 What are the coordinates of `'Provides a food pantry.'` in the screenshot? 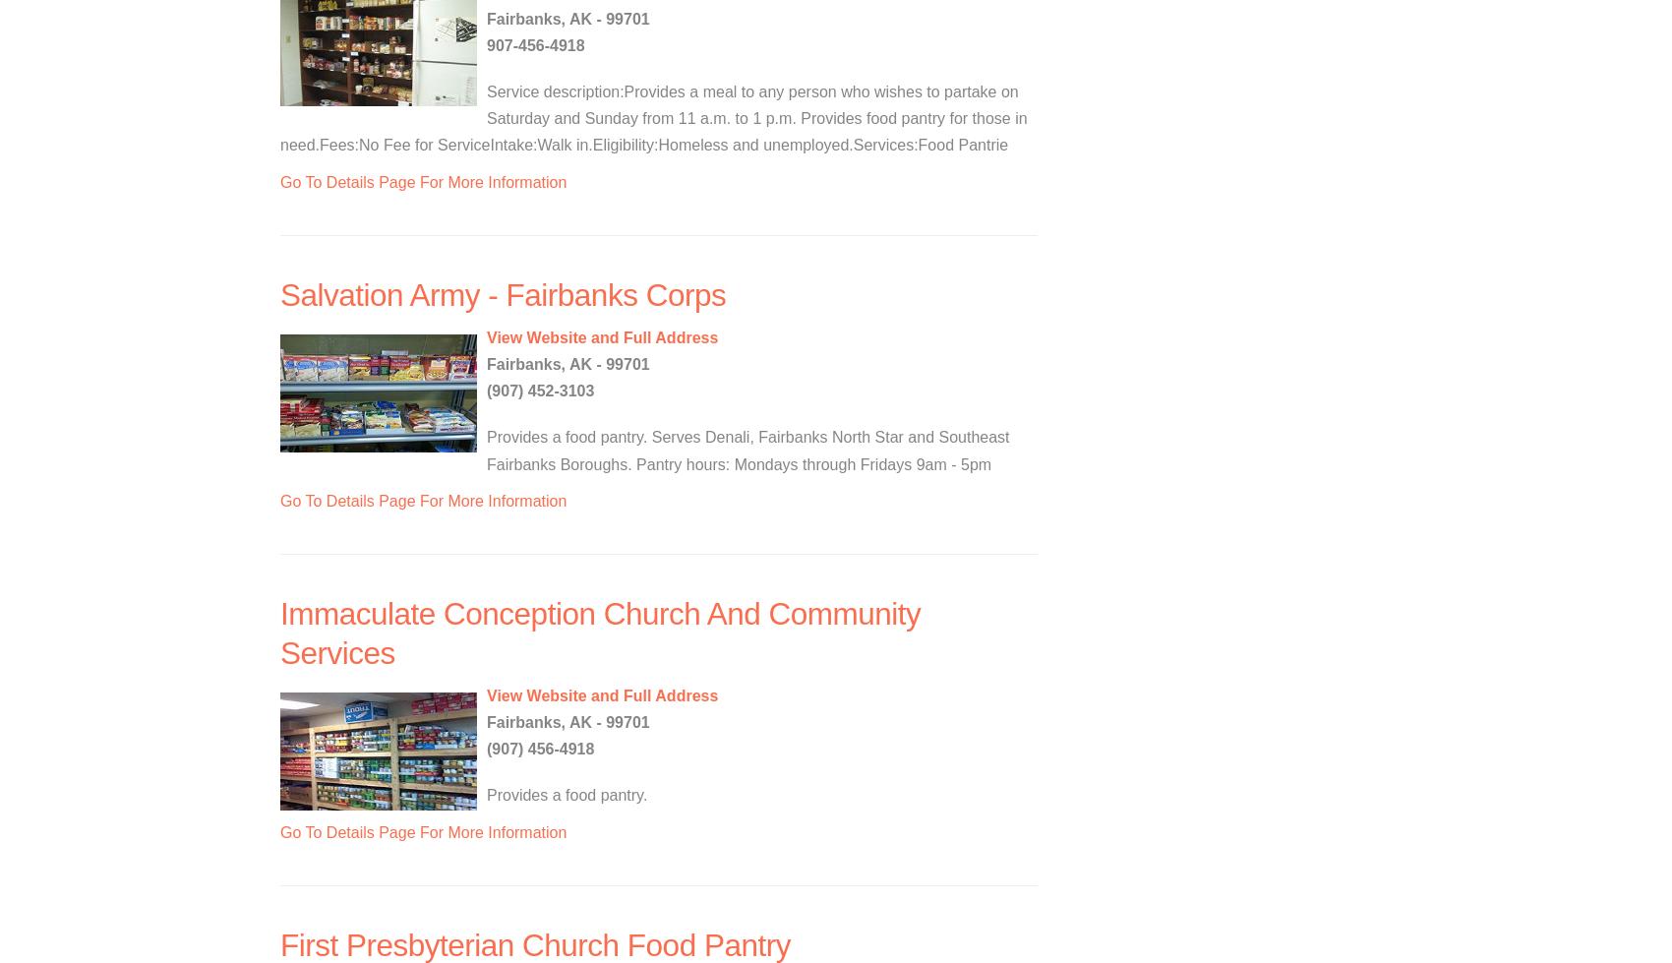 It's located at (487, 794).